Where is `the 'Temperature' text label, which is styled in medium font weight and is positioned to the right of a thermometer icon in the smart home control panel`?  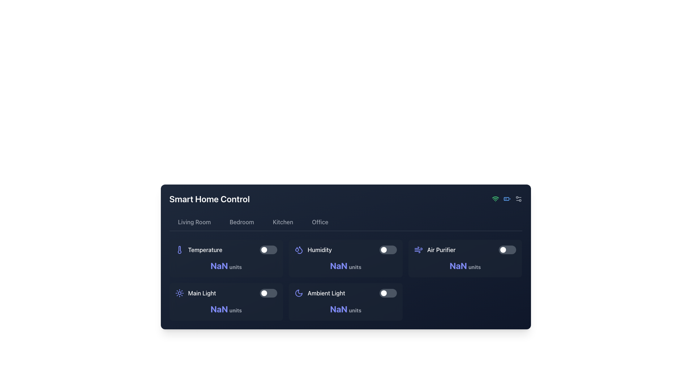 the 'Temperature' text label, which is styled in medium font weight and is positioned to the right of a thermometer icon in the smart home control panel is located at coordinates (205, 249).